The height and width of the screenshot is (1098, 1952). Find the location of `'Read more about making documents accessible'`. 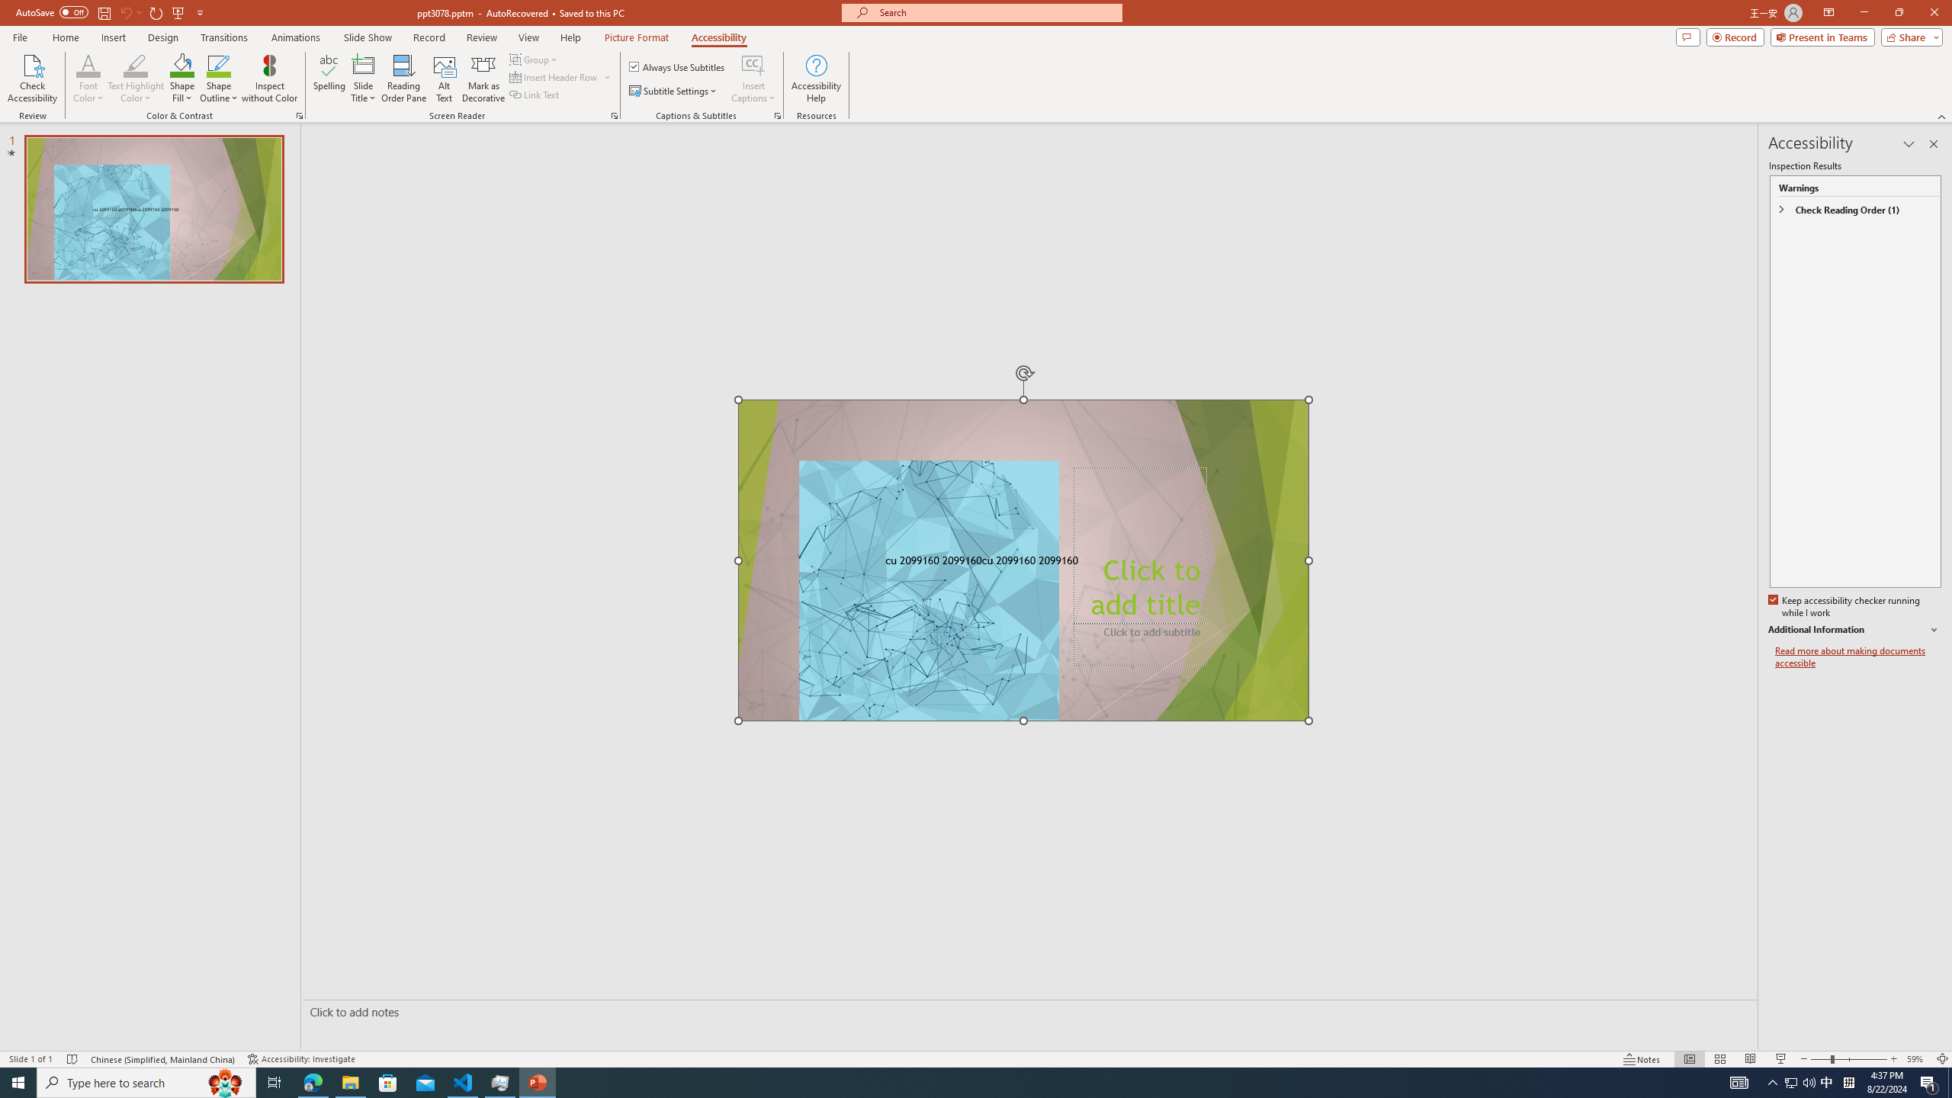

'Read more about making documents accessible' is located at coordinates (1858, 657).